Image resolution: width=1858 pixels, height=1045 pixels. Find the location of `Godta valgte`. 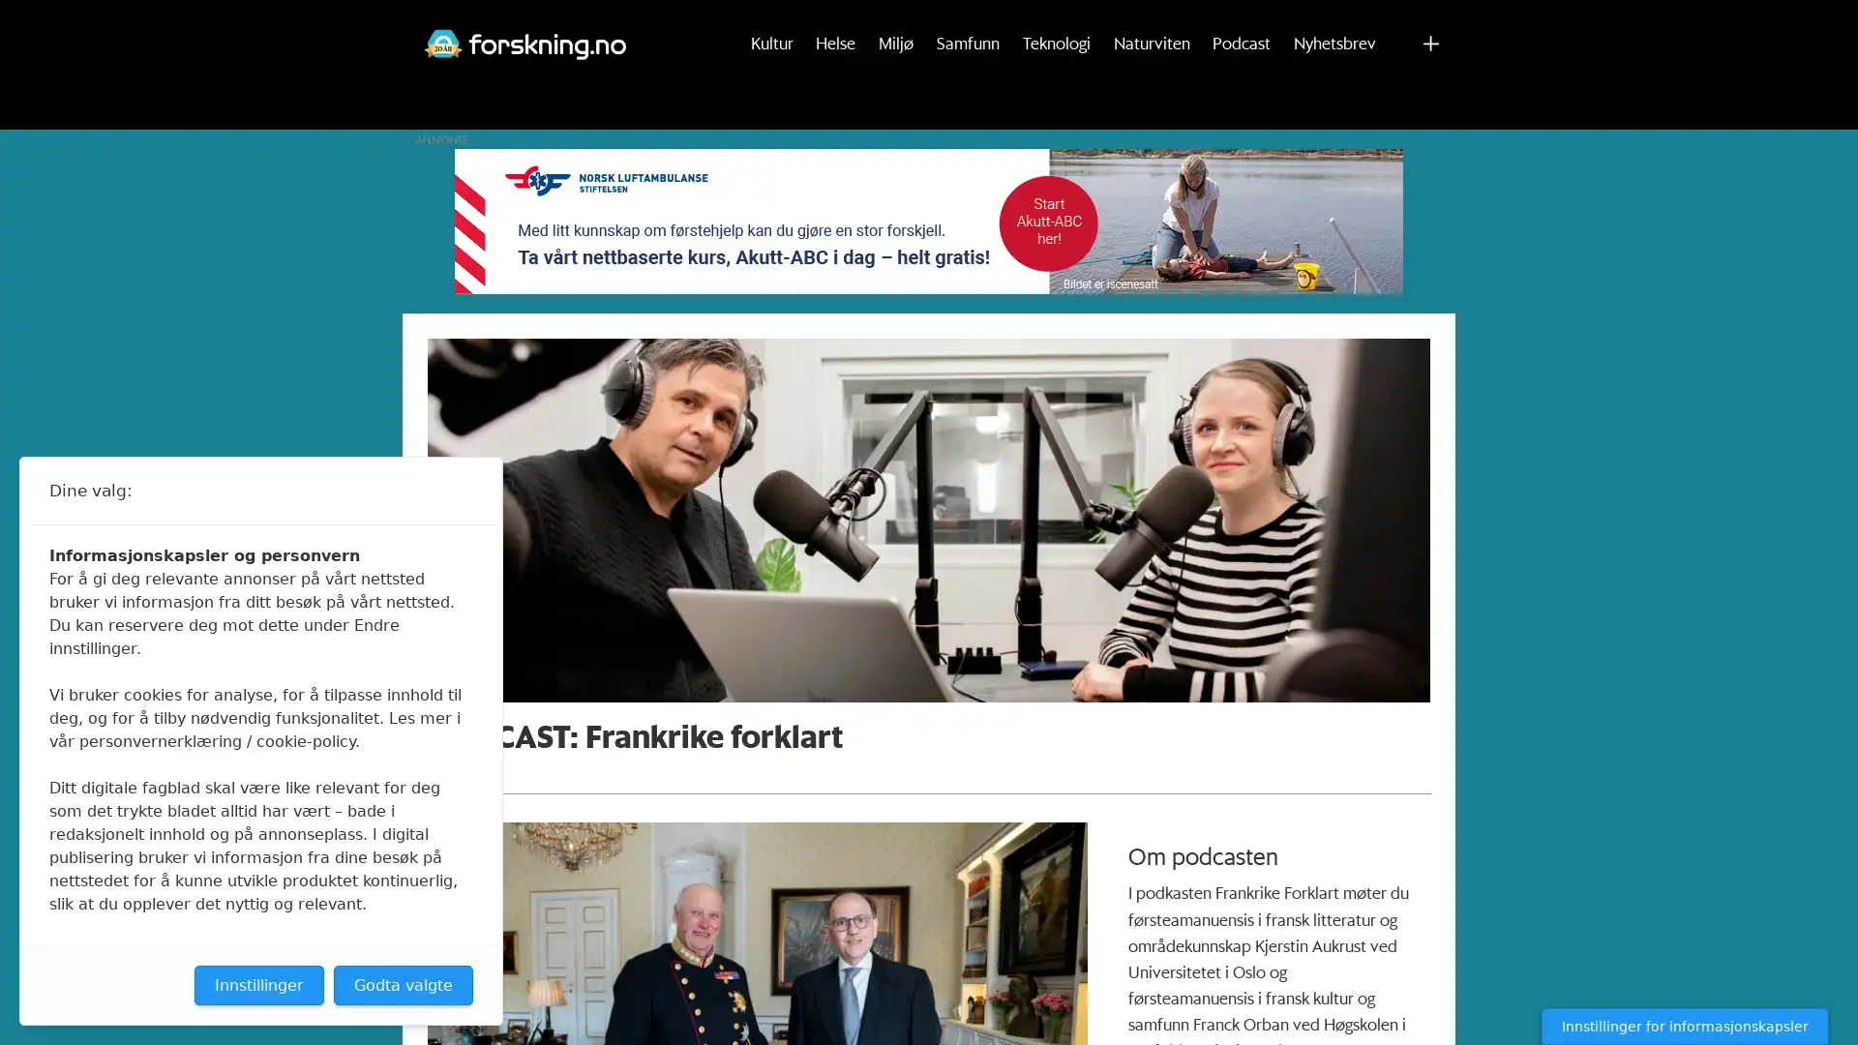

Godta valgte is located at coordinates (403, 985).